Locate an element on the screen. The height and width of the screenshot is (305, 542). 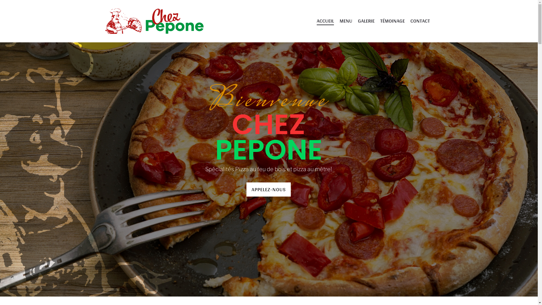
'GALERIE' is located at coordinates (366, 21).